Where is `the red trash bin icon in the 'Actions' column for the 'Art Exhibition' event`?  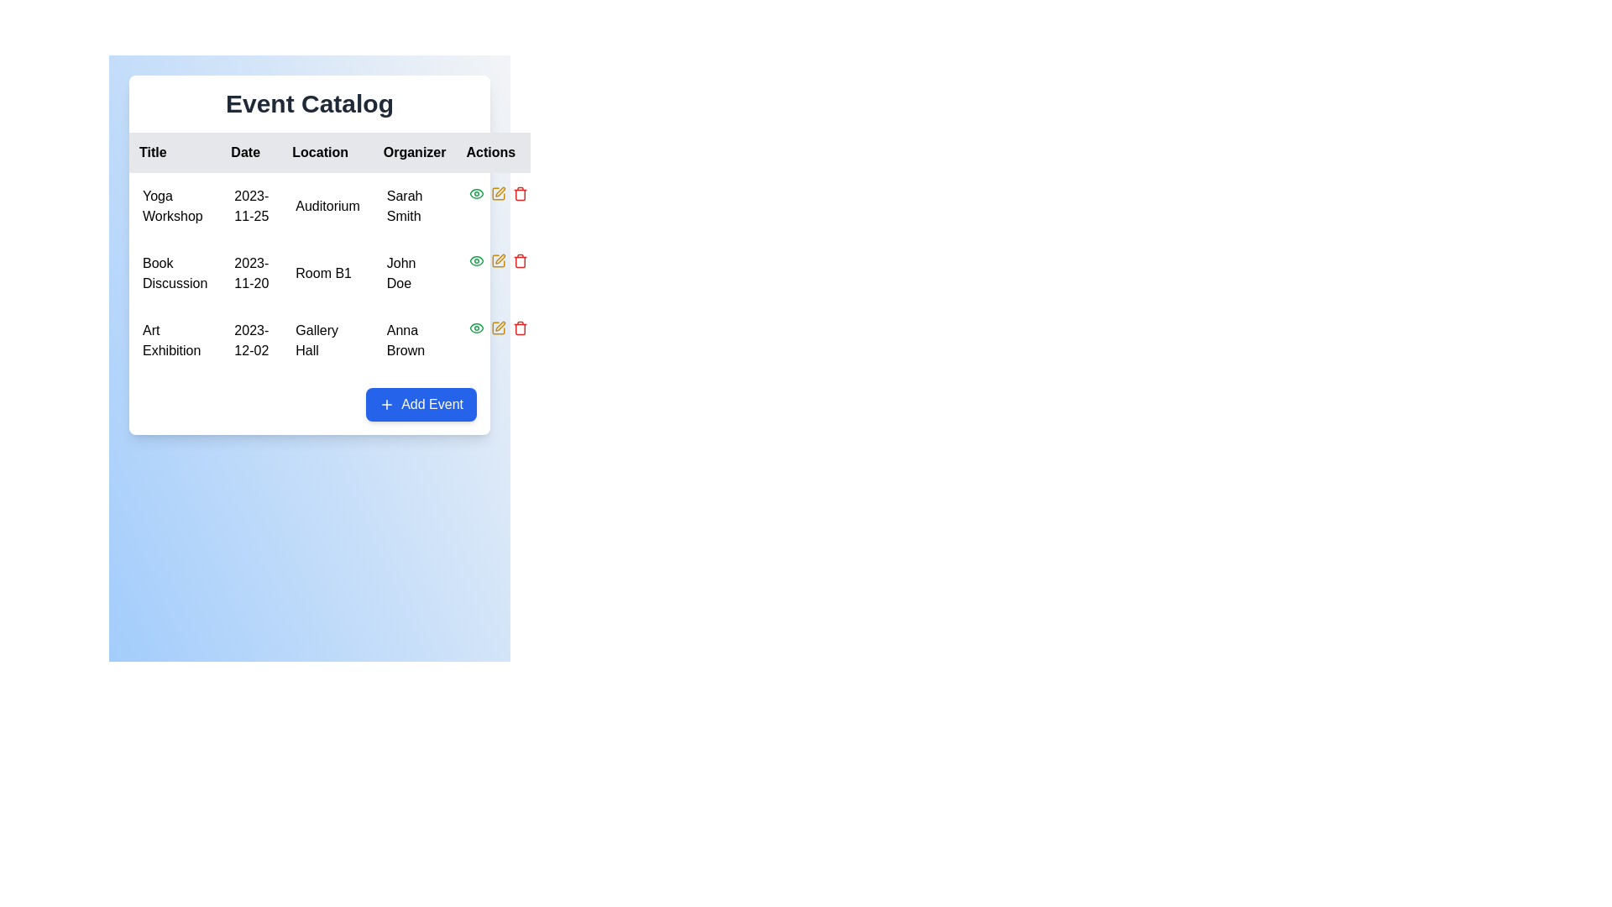
the red trash bin icon in the 'Actions' column for the 'Art Exhibition' event is located at coordinates (520, 328).